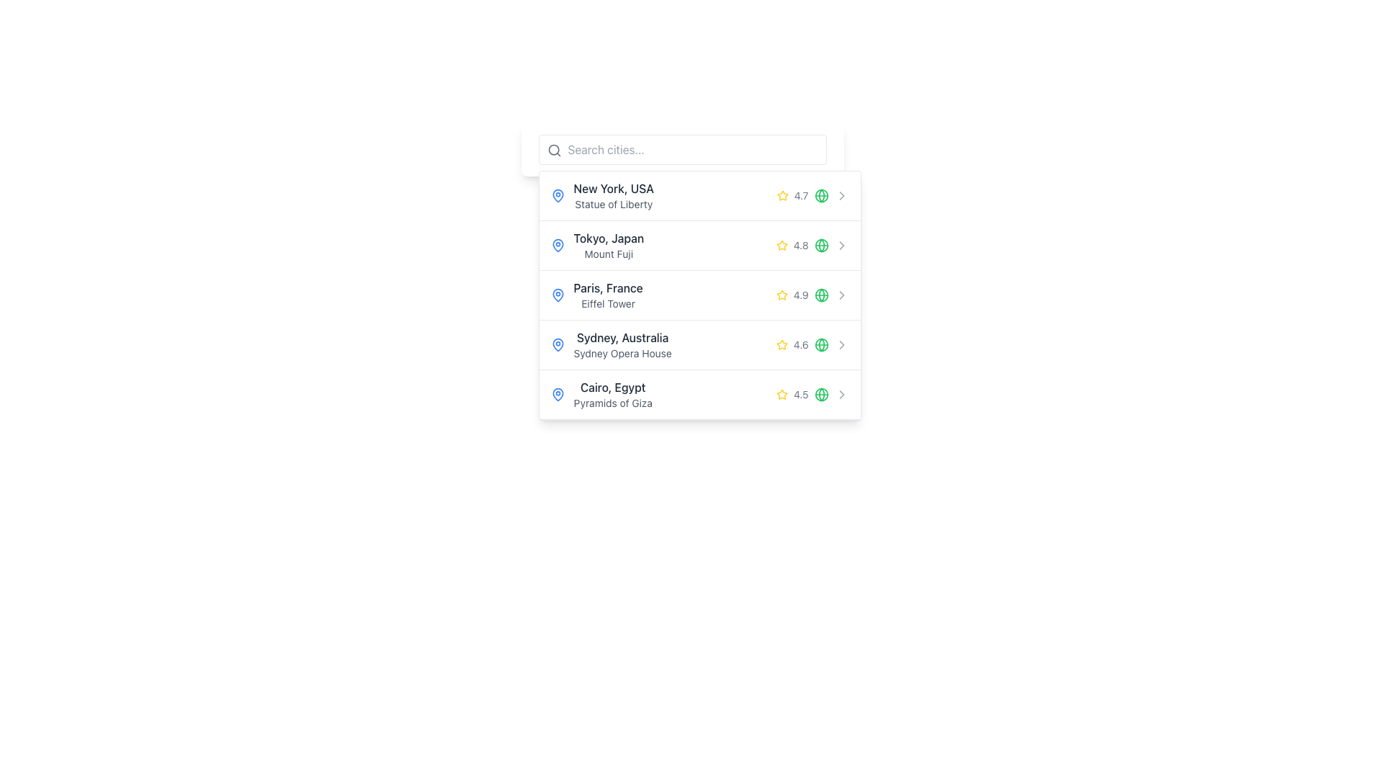  I want to click on the yellow star-shaped icon representing the rating for 'Tokyo, Japan', located in the rating row of the UI, so click(781, 244).